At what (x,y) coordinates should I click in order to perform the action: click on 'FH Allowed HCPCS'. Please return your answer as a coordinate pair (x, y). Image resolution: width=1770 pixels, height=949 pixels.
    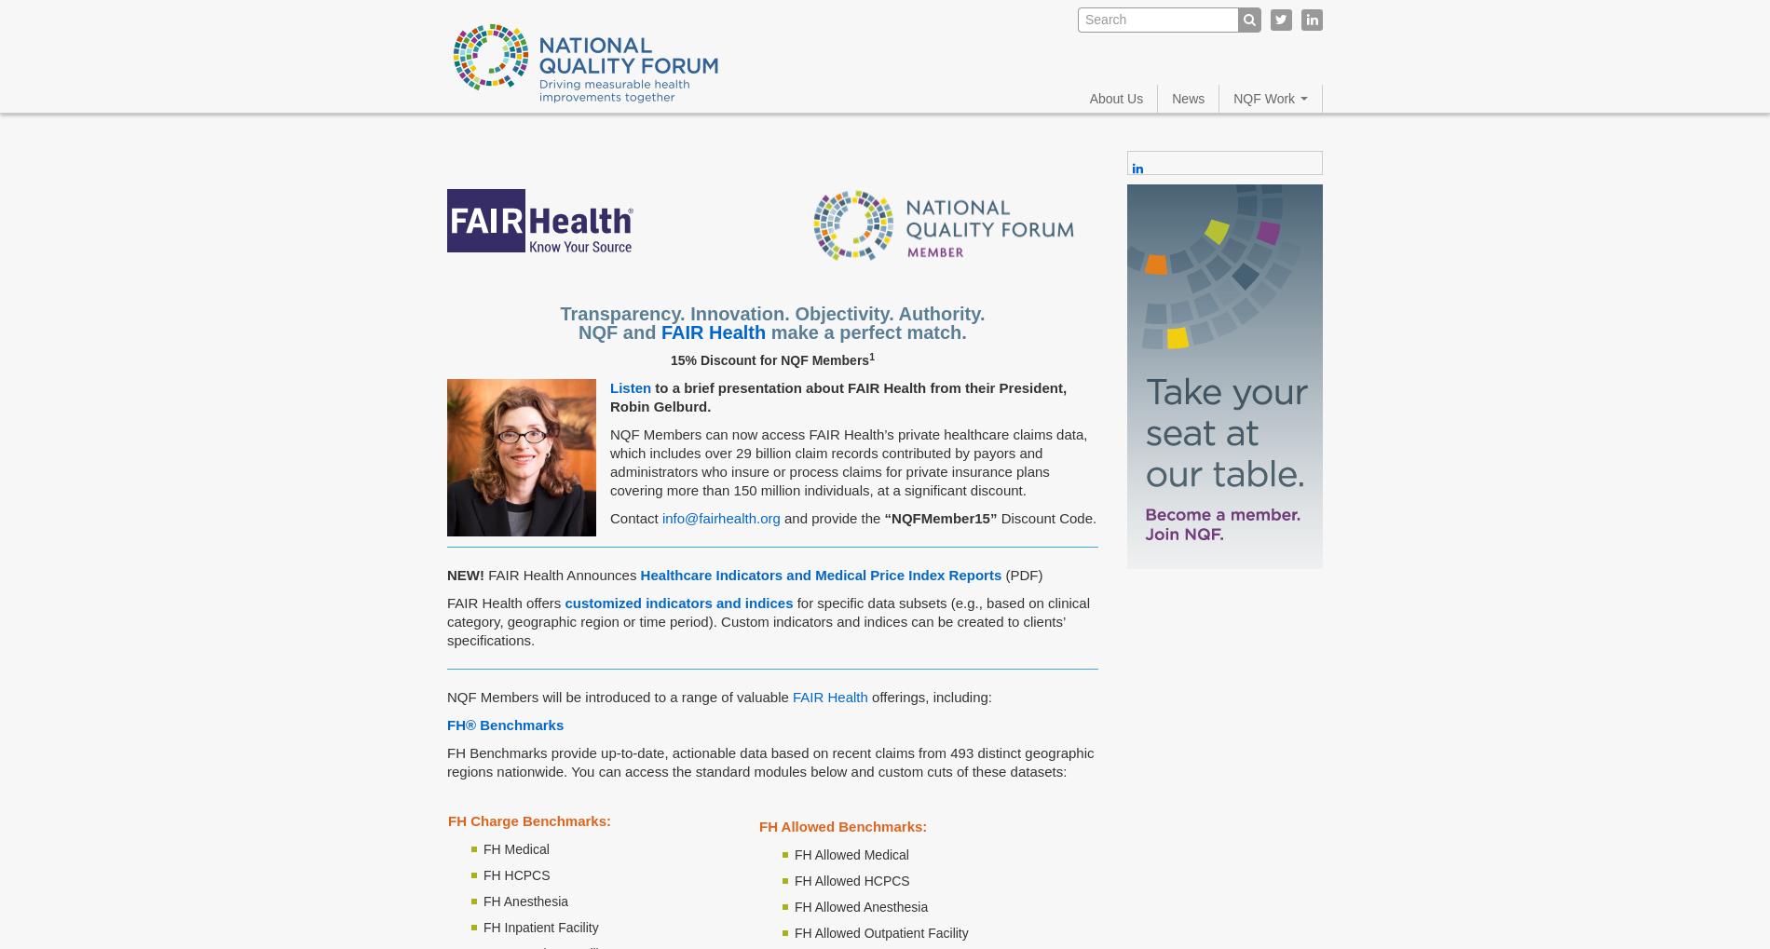
    Looking at the image, I should click on (851, 880).